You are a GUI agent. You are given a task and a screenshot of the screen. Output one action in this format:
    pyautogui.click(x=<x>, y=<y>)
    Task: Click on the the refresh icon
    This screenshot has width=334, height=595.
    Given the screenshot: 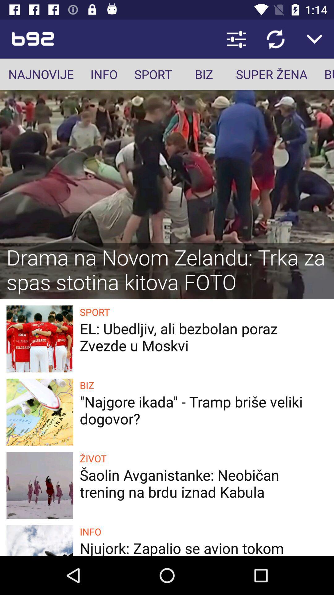 What is the action you would take?
    pyautogui.click(x=275, y=38)
    